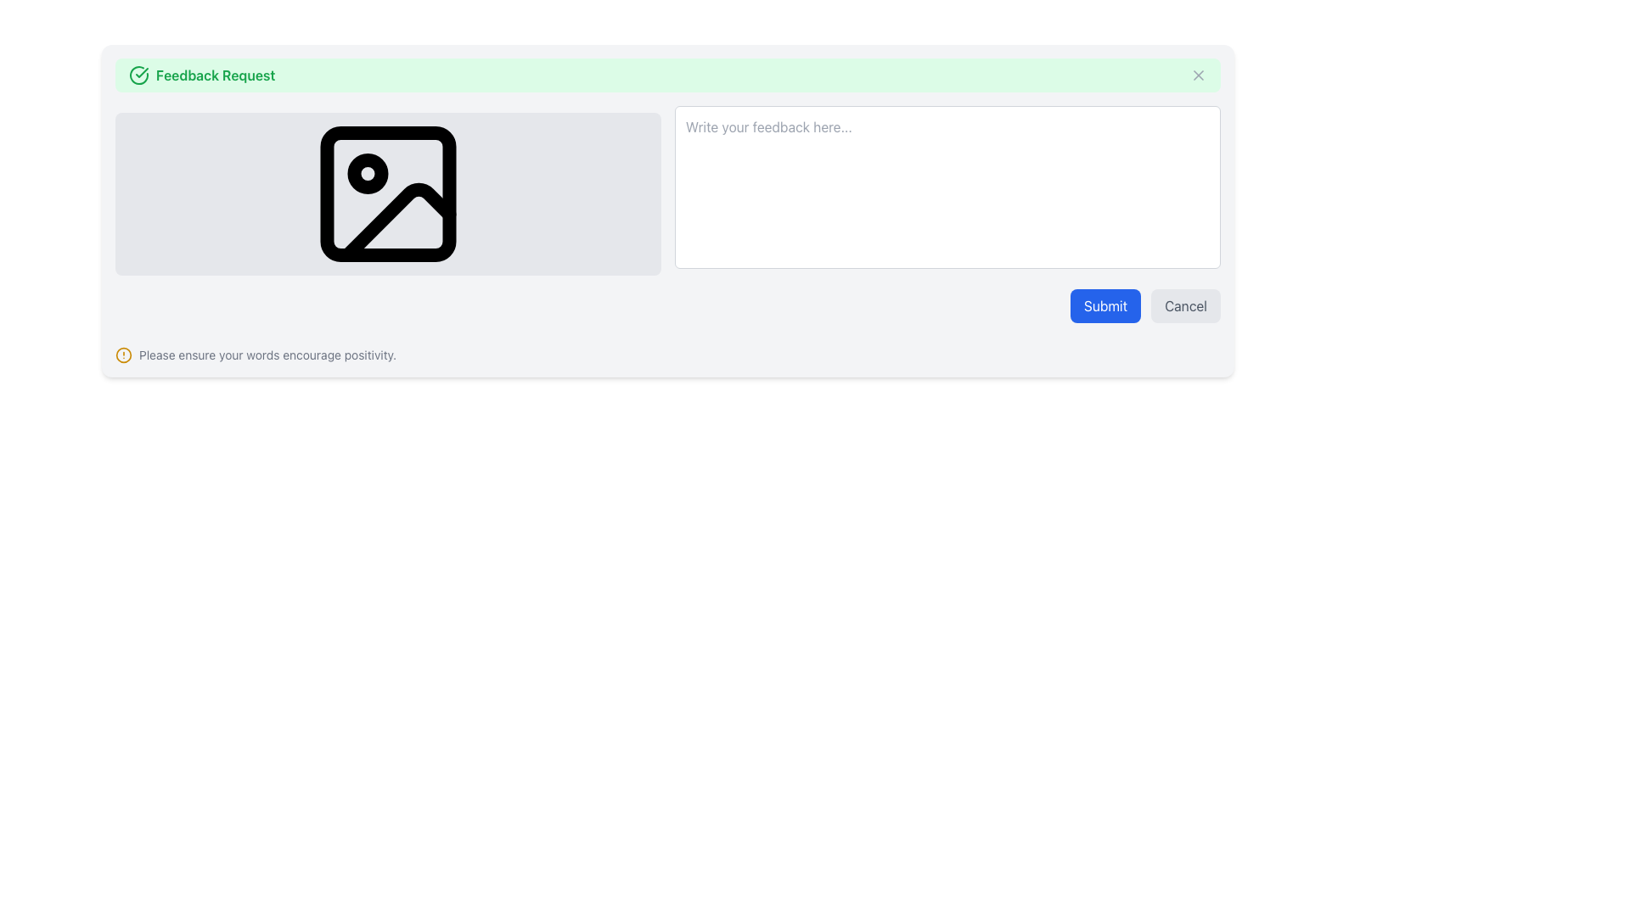 This screenshot has width=1630, height=916. What do you see at coordinates (138, 74) in the screenshot?
I see `the circular green checkmark icon located to the left of the 'Feedback Request' text` at bounding box center [138, 74].